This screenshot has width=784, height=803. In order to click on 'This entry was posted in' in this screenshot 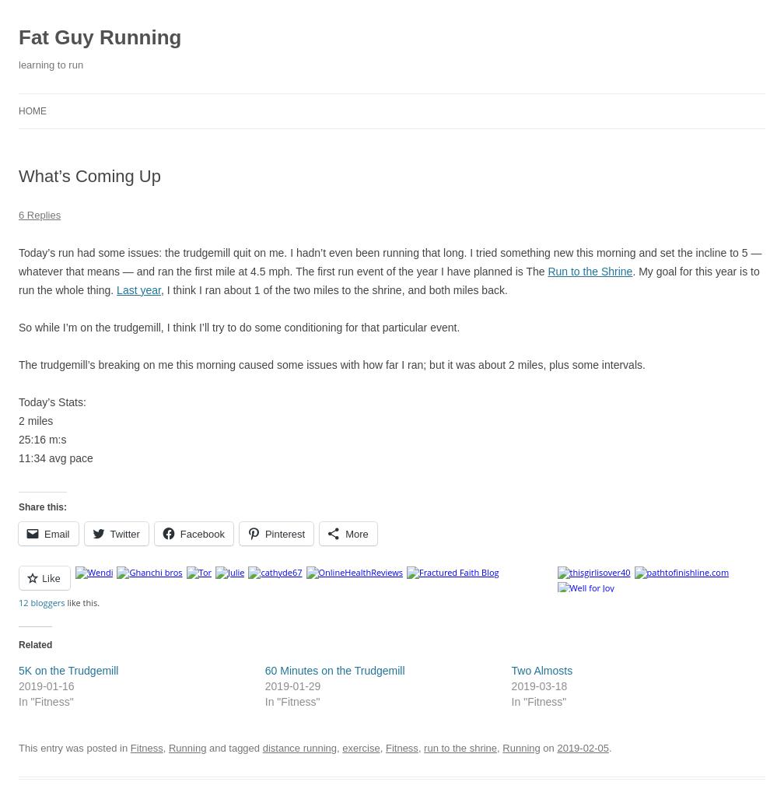, I will do `click(18, 747)`.